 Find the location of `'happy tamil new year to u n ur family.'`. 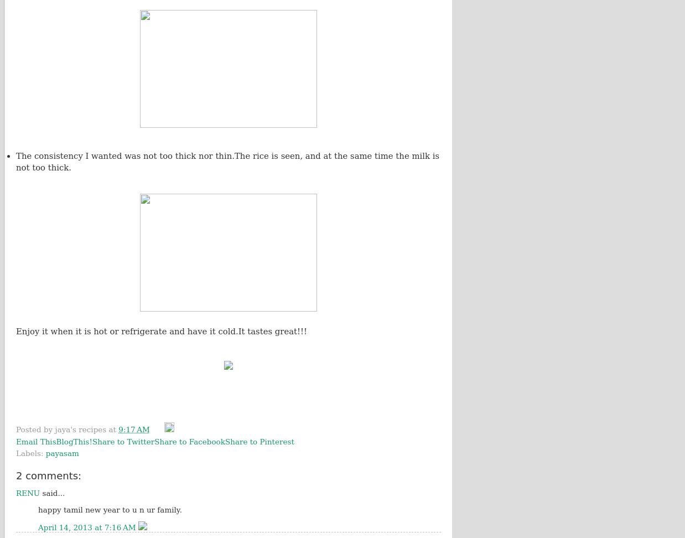

'happy tamil new year to u n ur family.' is located at coordinates (110, 508).